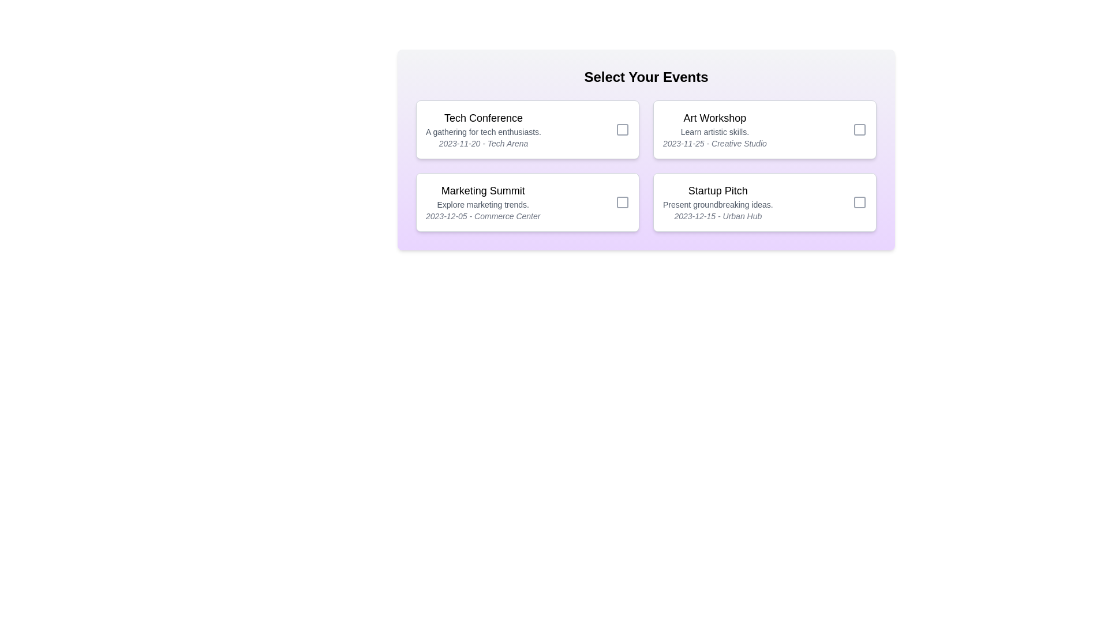 This screenshot has width=1108, height=623. Describe the element at coordinates (623, 202) in the screenshot. I see `the checkbox for the event Marketing Summit` at that location.